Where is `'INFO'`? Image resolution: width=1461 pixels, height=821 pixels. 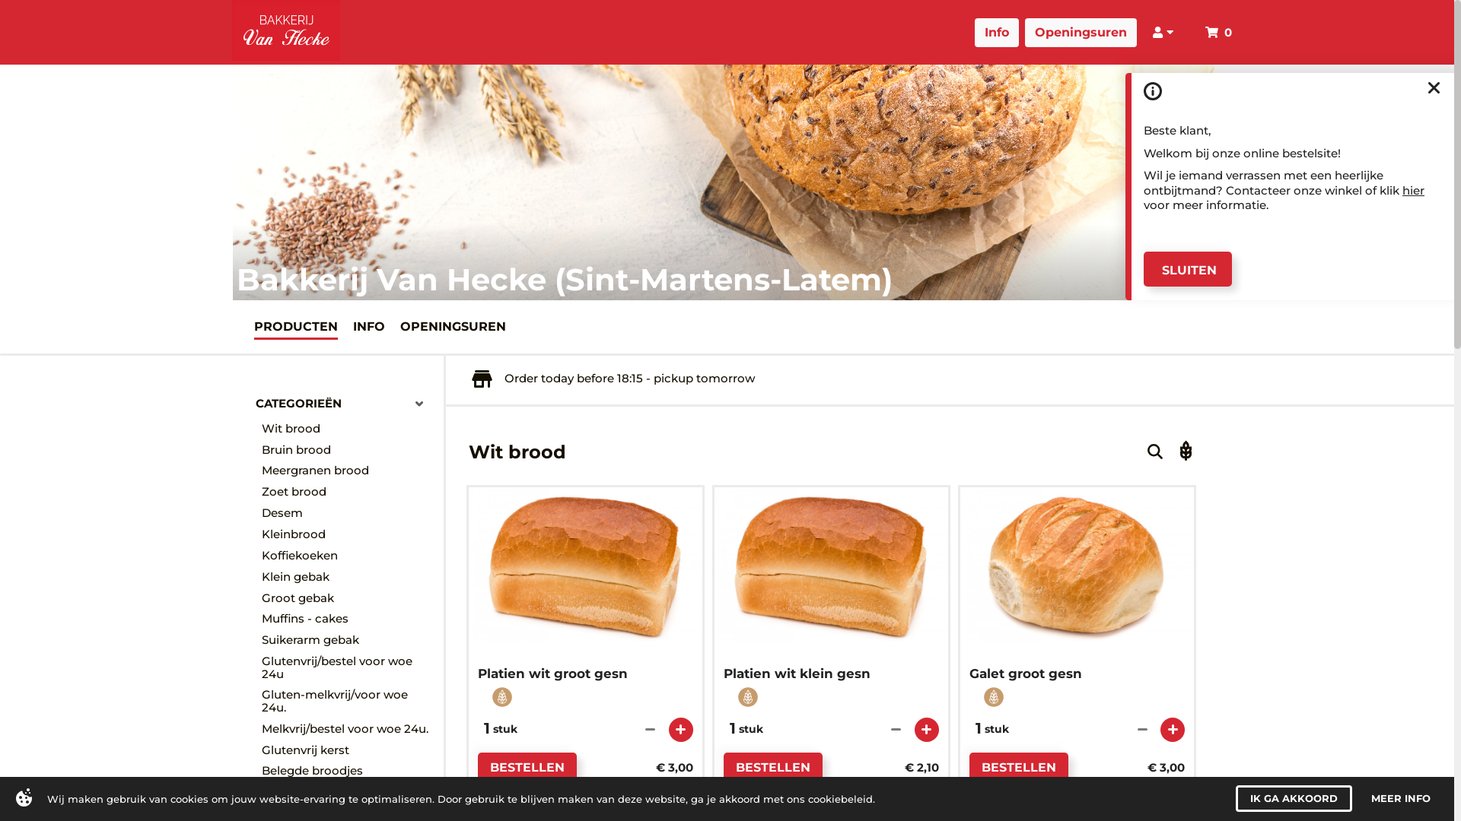
'INFO' is located at coordinates (352, 325).